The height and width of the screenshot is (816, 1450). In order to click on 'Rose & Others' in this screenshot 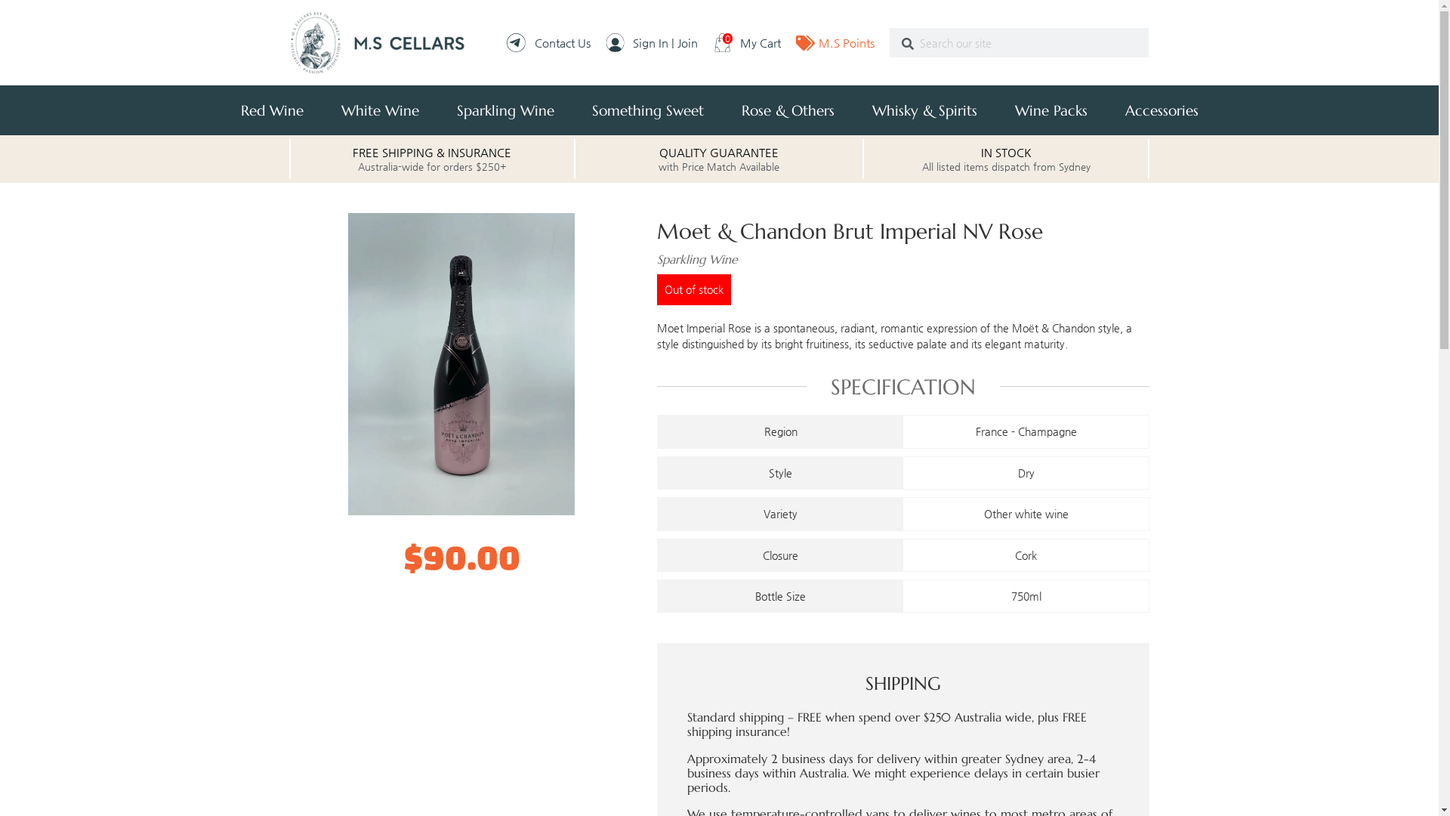, I will do `click(786, 110)`.